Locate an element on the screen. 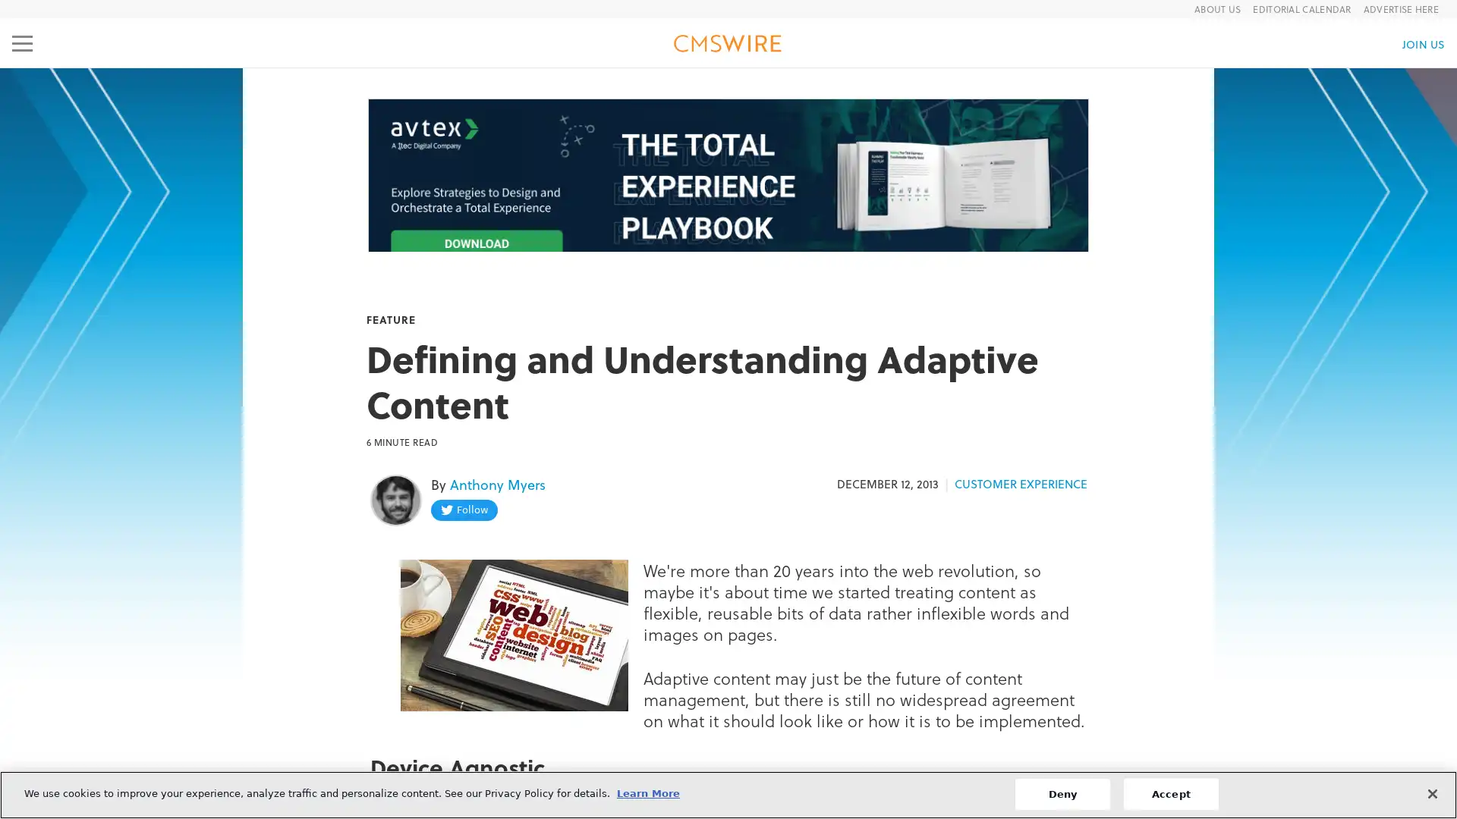 The width and height of the screenshot is (1457, 819). Be a Digital Leader is located at coordinates (727, 342).